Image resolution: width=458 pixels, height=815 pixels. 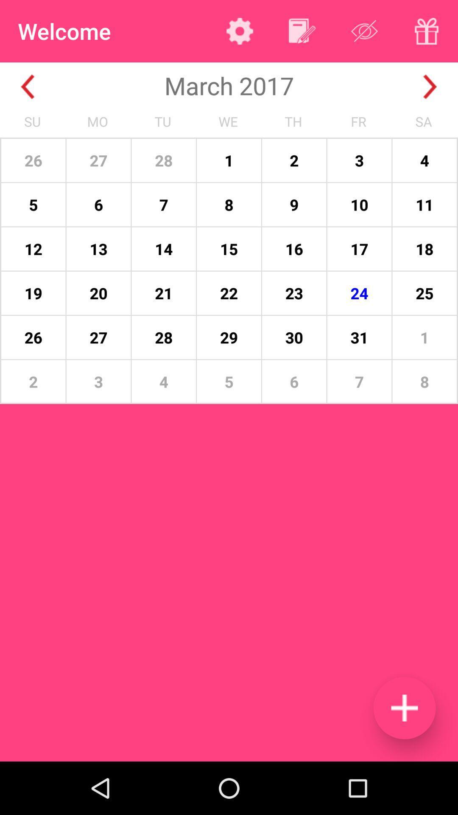 I want to click on event to calendar, so click(x=404, y=708).